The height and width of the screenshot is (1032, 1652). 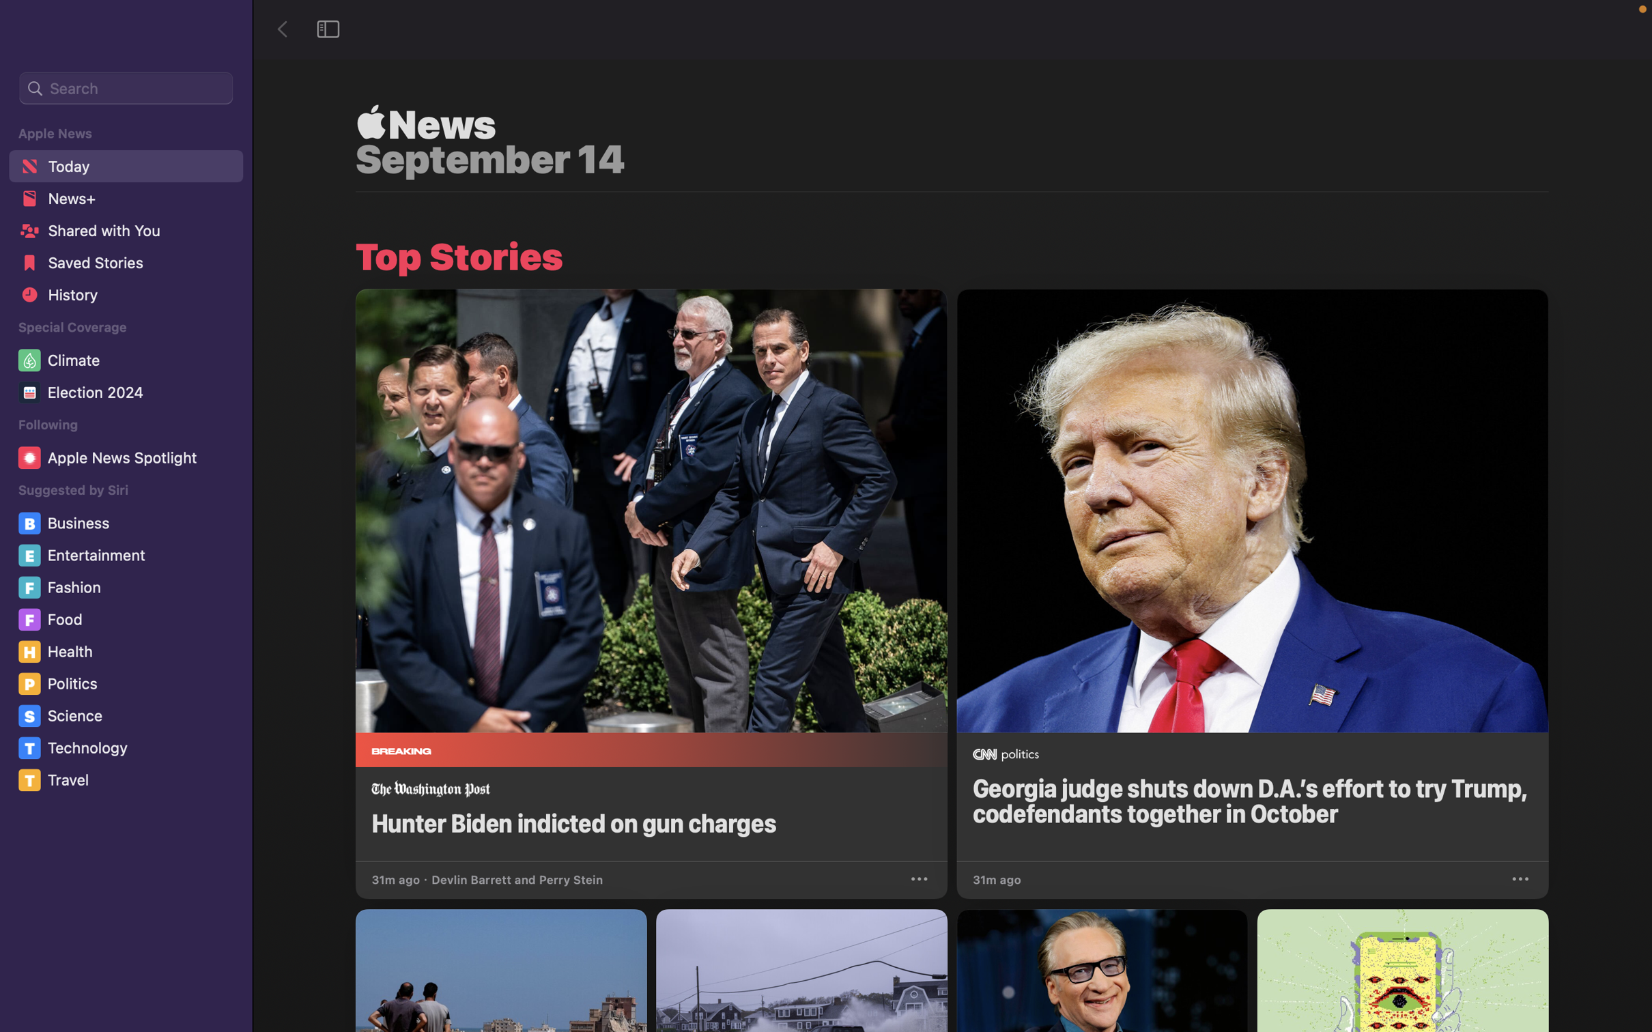 What do you see at coordinates (129, 650) in the screenshot?
I see `the "Health" tab` at bounding box center [129, 650].